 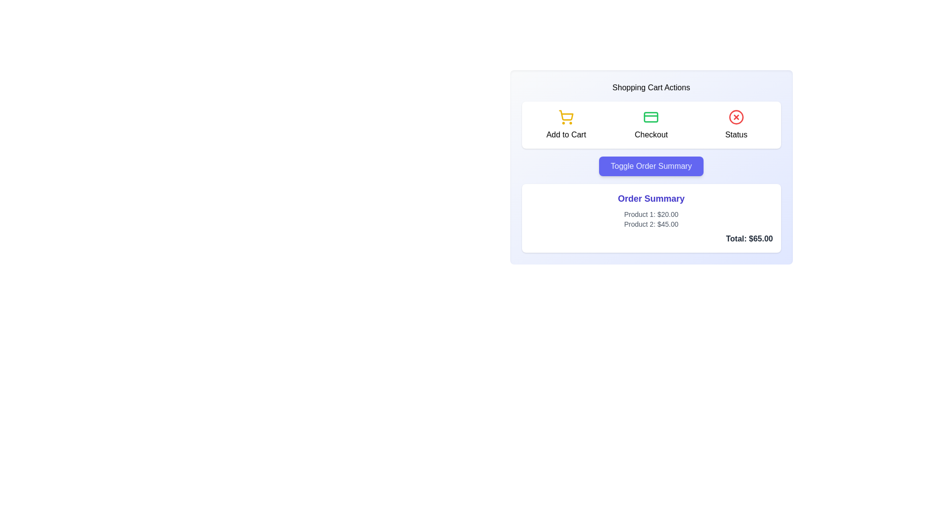 What do you see at coordinates (651, 213) in the screenshot?
I see `the Text label displaying 'Product 1' and its price '$20.00' in the 'Order Summary' section, which is the first item in the vertical list of products` at bounding box center [651, 213].